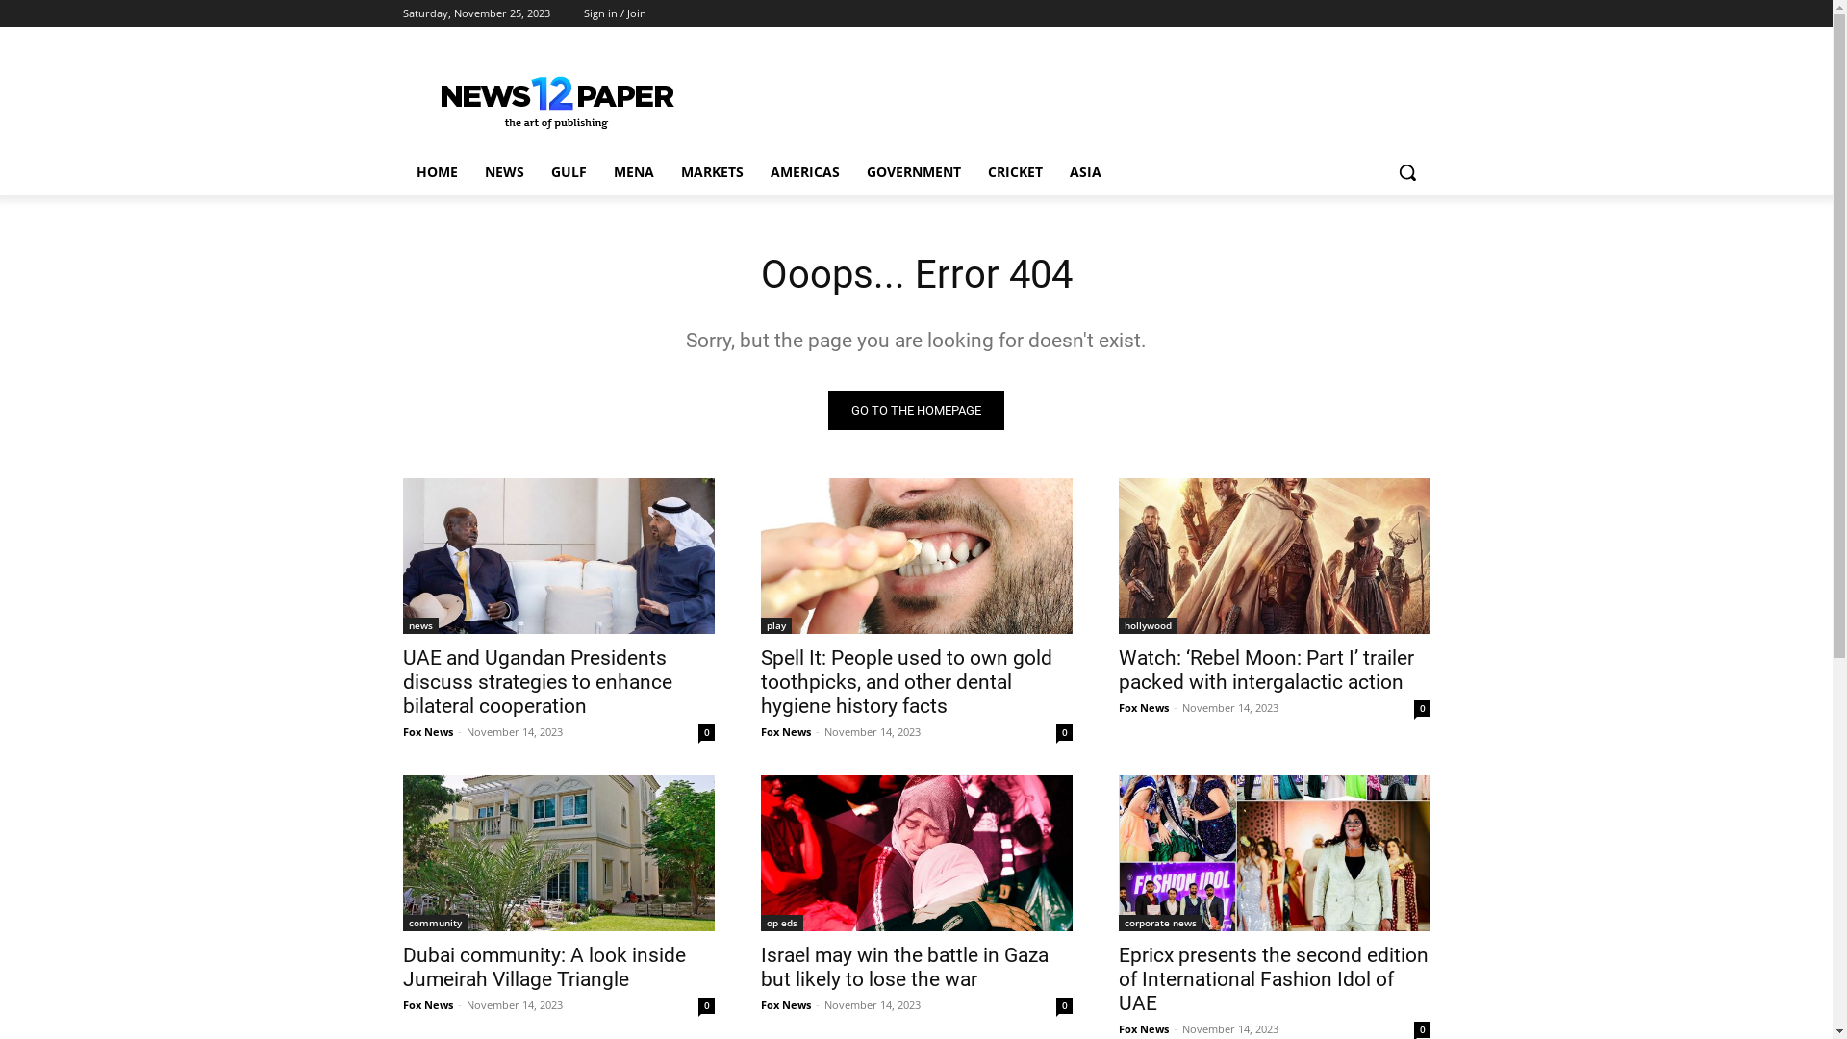 The image size is (1847, 1039). What do you see at coordinates (1013, 170) in the screenshot?
I see `'CRICKET'` at bounding box center [1013, 170].